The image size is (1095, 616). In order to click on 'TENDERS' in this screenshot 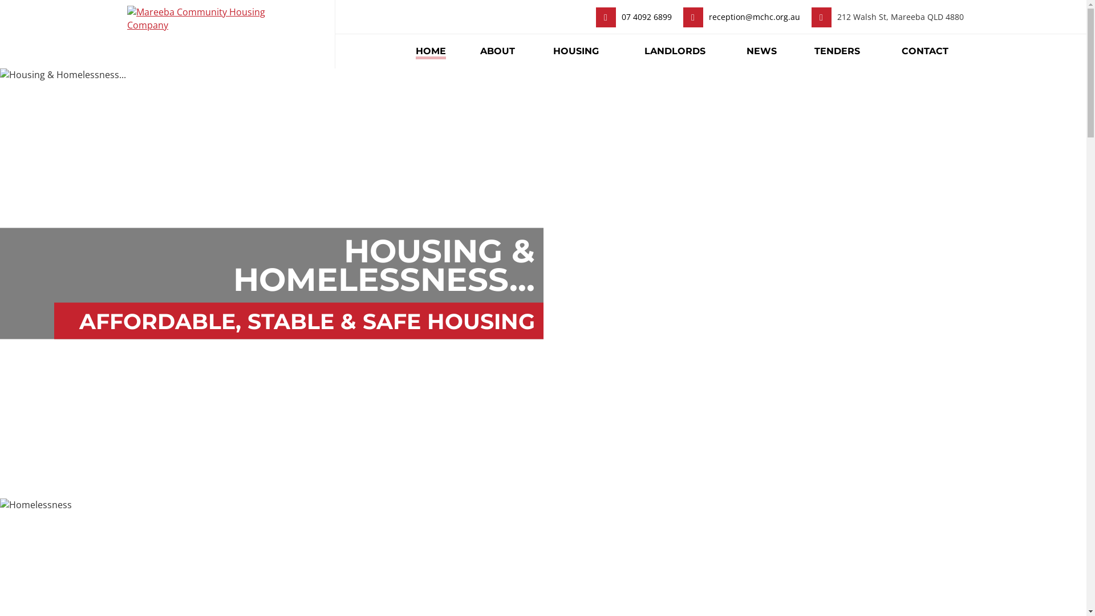, I will do `click(837, 50)`.